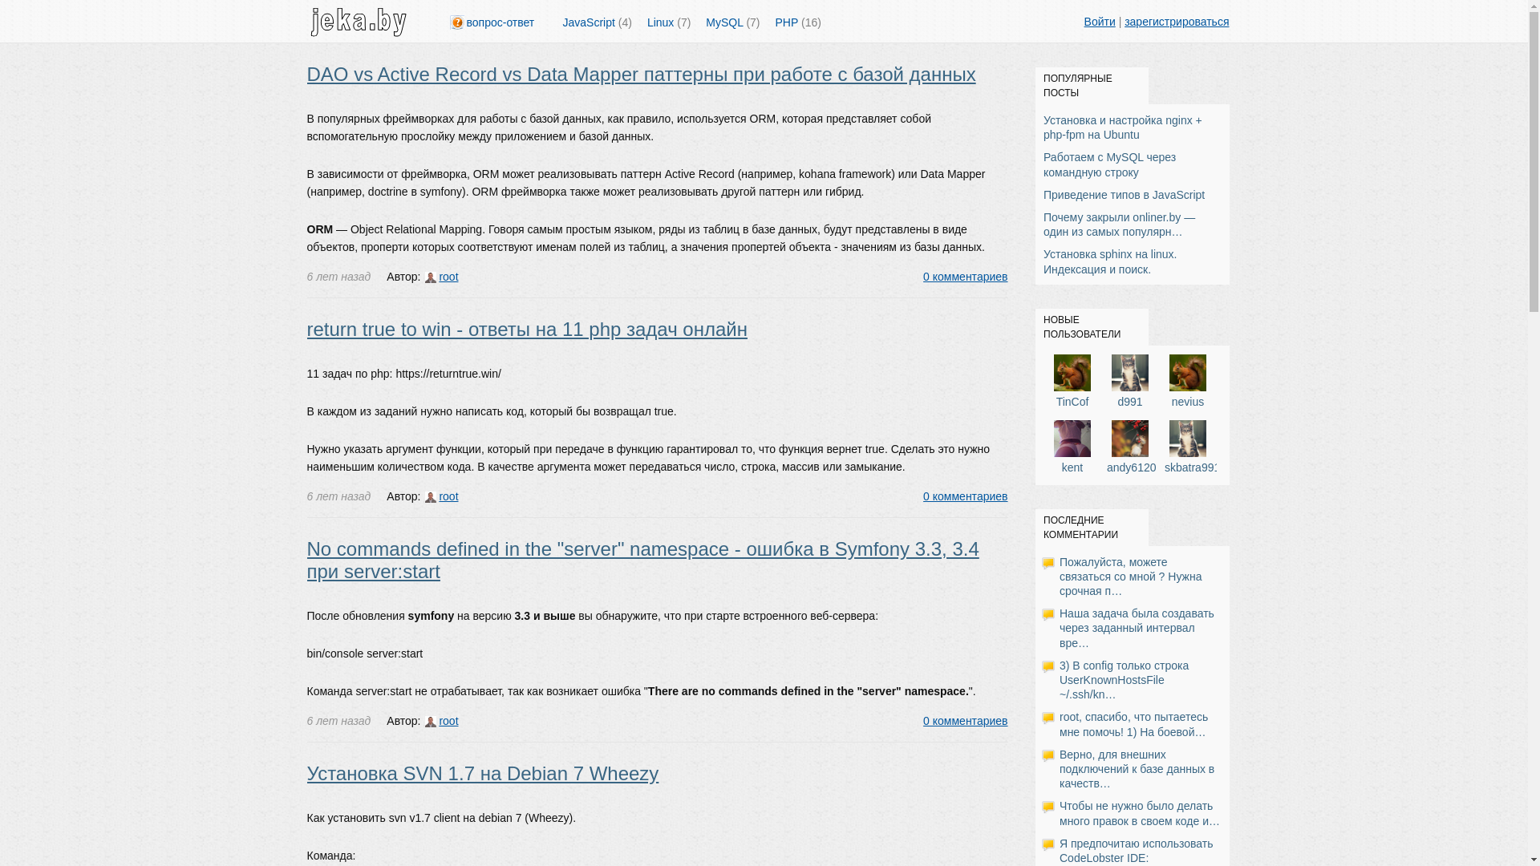  I want to click on 'root', so click(424, 495).